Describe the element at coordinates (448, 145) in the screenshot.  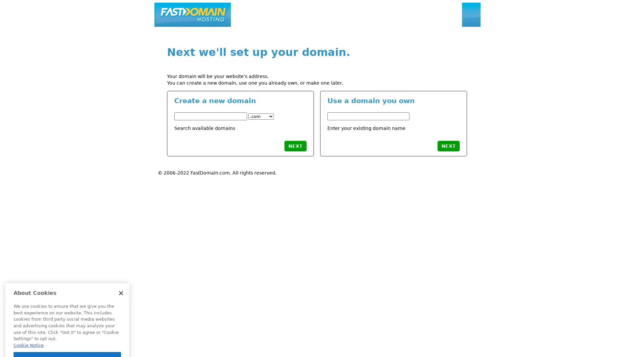
I see `Next` at that location.